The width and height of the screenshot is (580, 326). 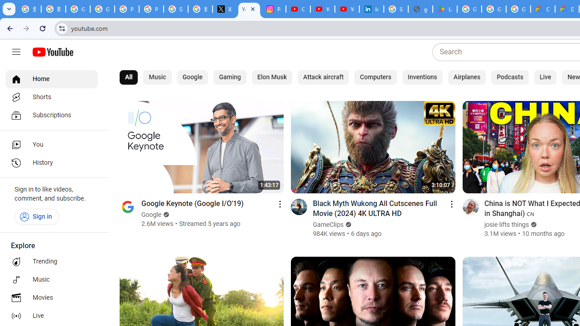 What do you see at coordinates (128, 77) in the screenshot?
I see `'All'` at bounding box center [128, 77].